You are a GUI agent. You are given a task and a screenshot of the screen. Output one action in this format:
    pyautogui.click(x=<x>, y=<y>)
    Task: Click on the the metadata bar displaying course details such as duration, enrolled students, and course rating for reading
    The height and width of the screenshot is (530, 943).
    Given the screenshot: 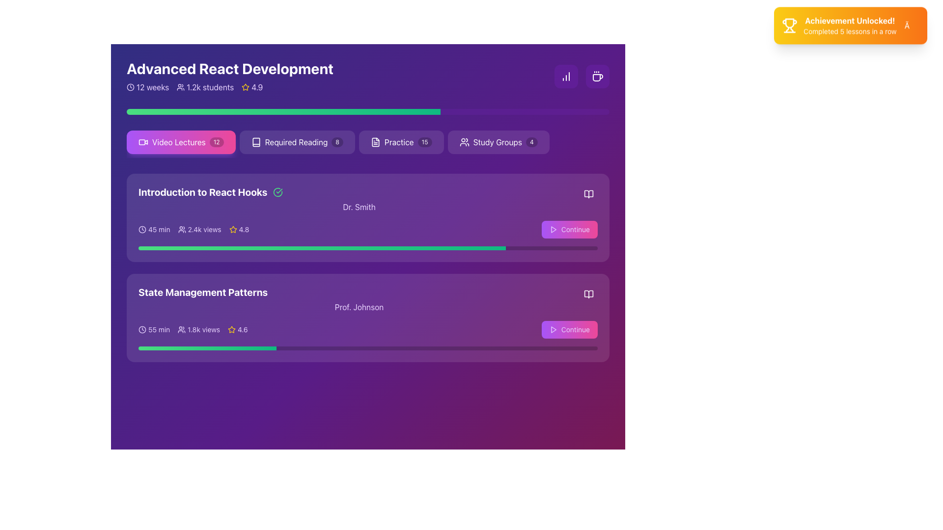 What is the action you would take?
    pyautogui.click(x=229, y=86)
    